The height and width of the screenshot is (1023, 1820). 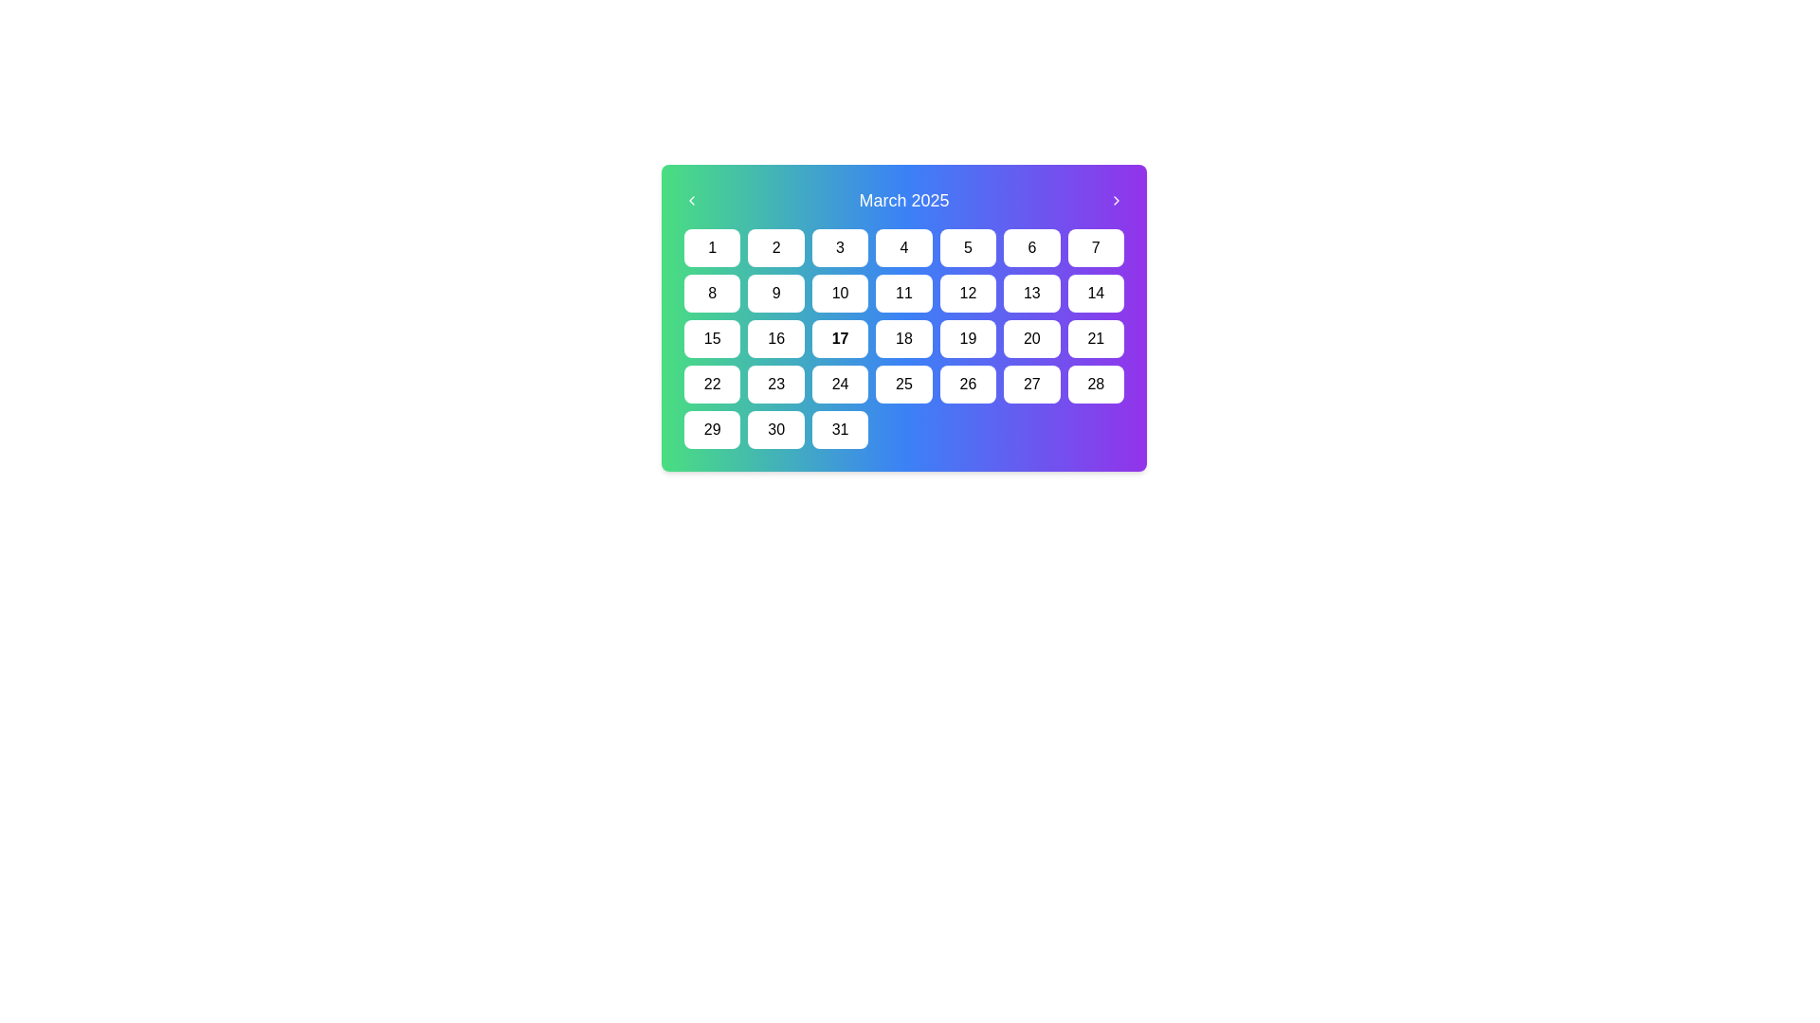 I want to click on the rectangular button with rounded corners displaying the number '10', so click(x=839, y=293).